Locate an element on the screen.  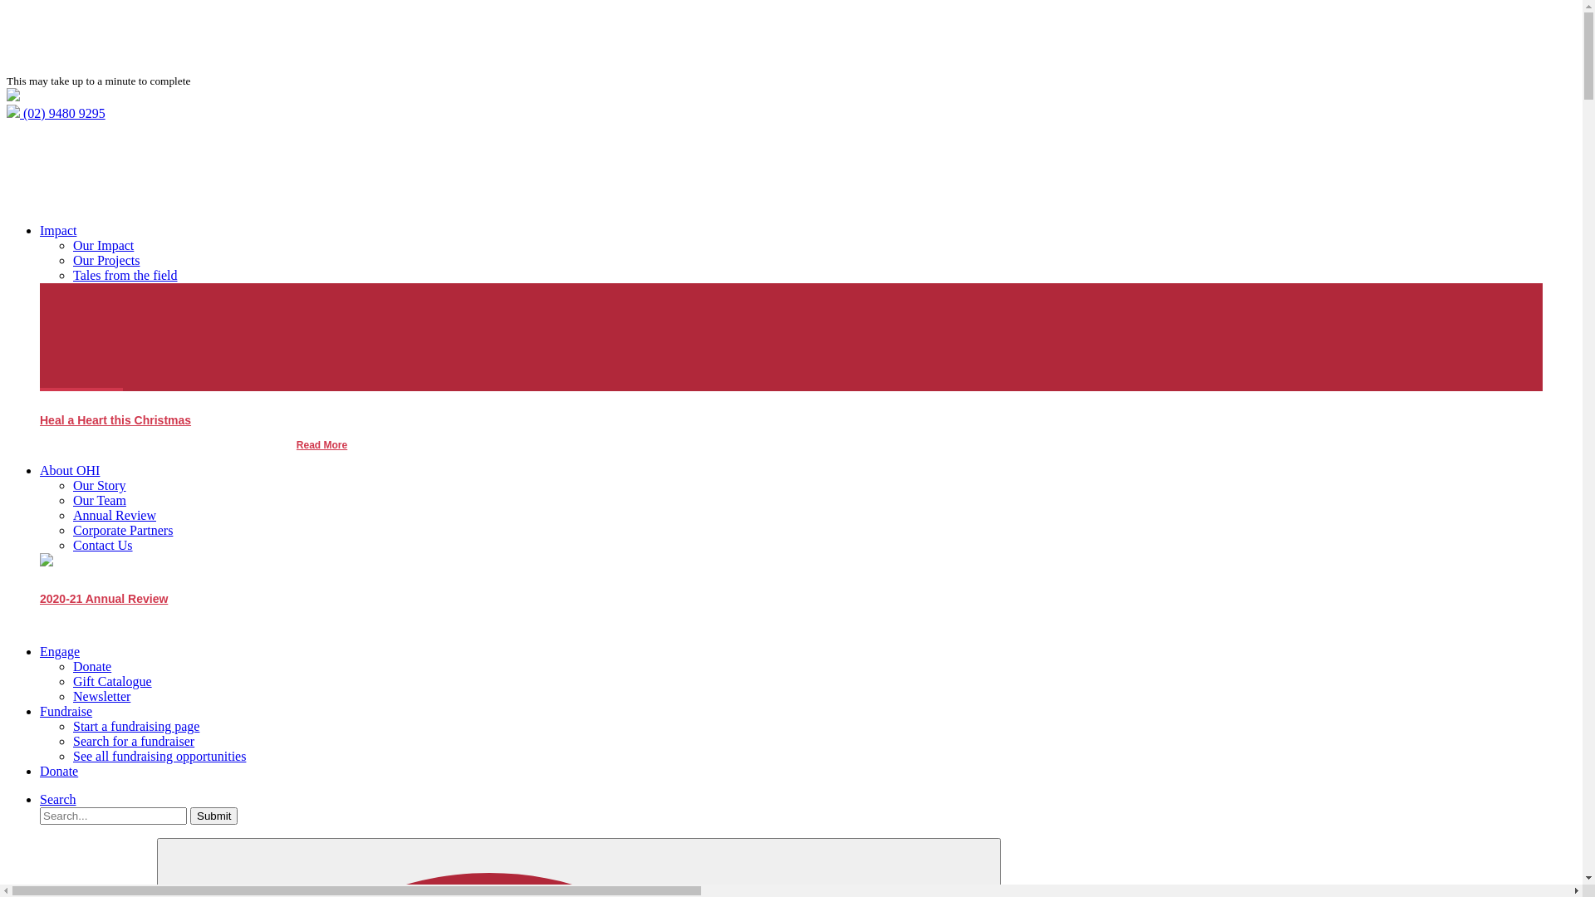
'Fundraise' is located at coordinates (40, 710).